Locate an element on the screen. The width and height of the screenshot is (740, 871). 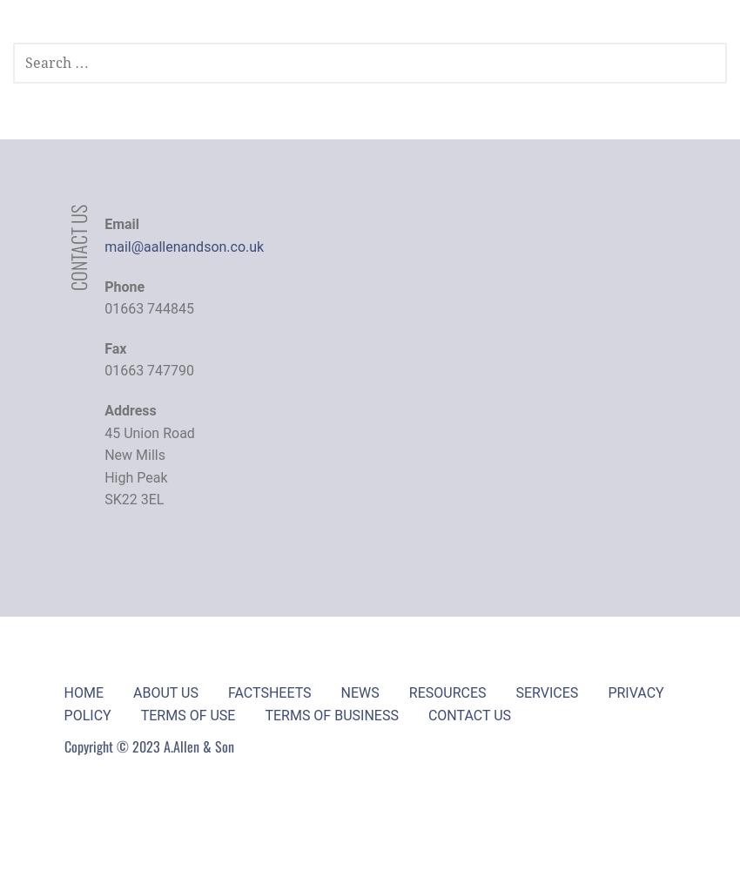
'01663 747790' is located at coordinates (104, 370).